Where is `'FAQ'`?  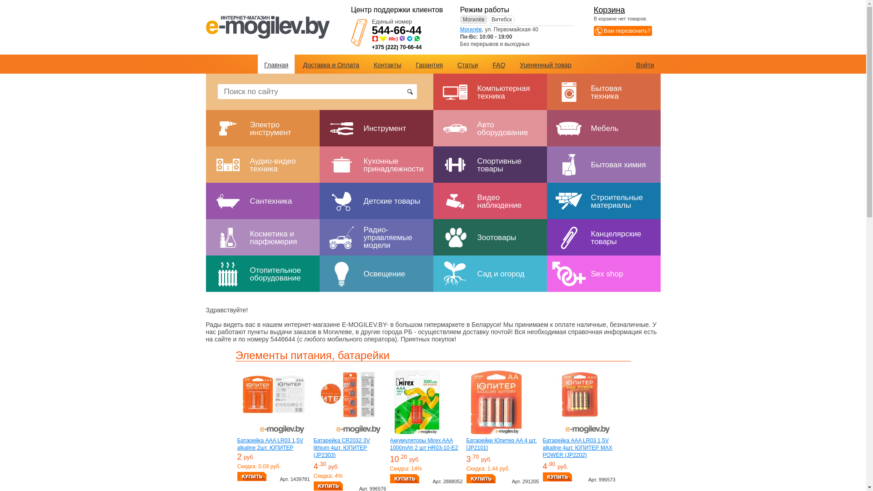
'FAQ' is located at coordinates (498, 64).